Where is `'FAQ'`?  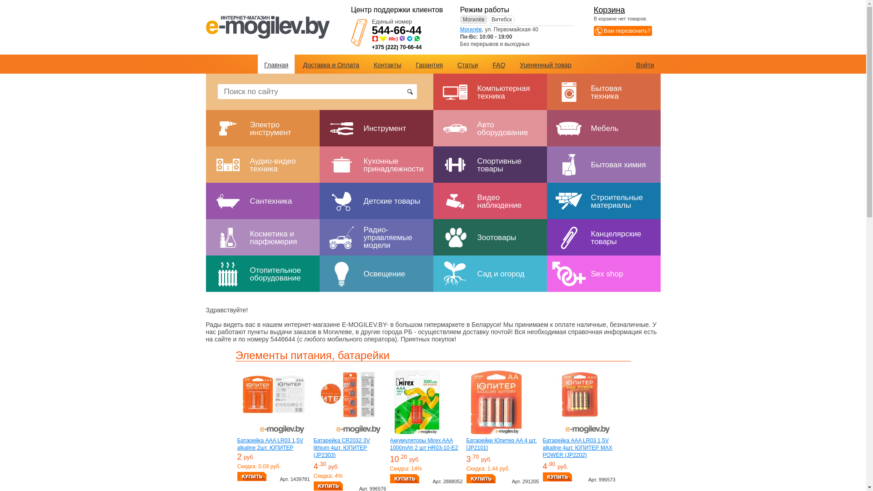
'FAQ' is located at coordinates (498, 64).